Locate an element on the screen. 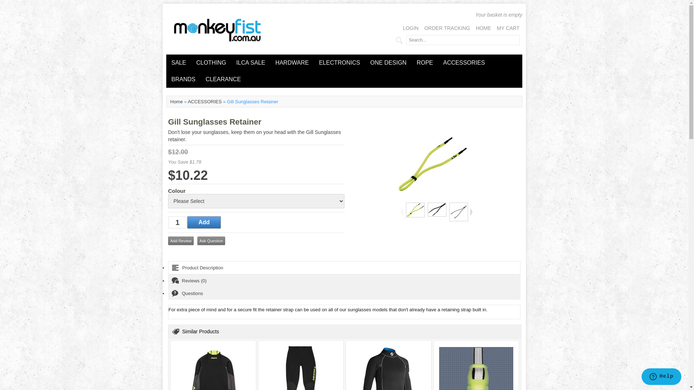 Image resolution: width=694 pixels, height=390 pixels. 'ROPE' is located at coordinates (425, 62).